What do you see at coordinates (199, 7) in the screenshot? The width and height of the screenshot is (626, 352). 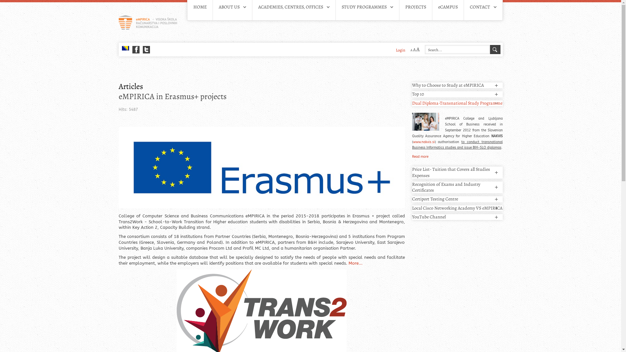 I see `'HOME'` at bounding box center [199, 7].